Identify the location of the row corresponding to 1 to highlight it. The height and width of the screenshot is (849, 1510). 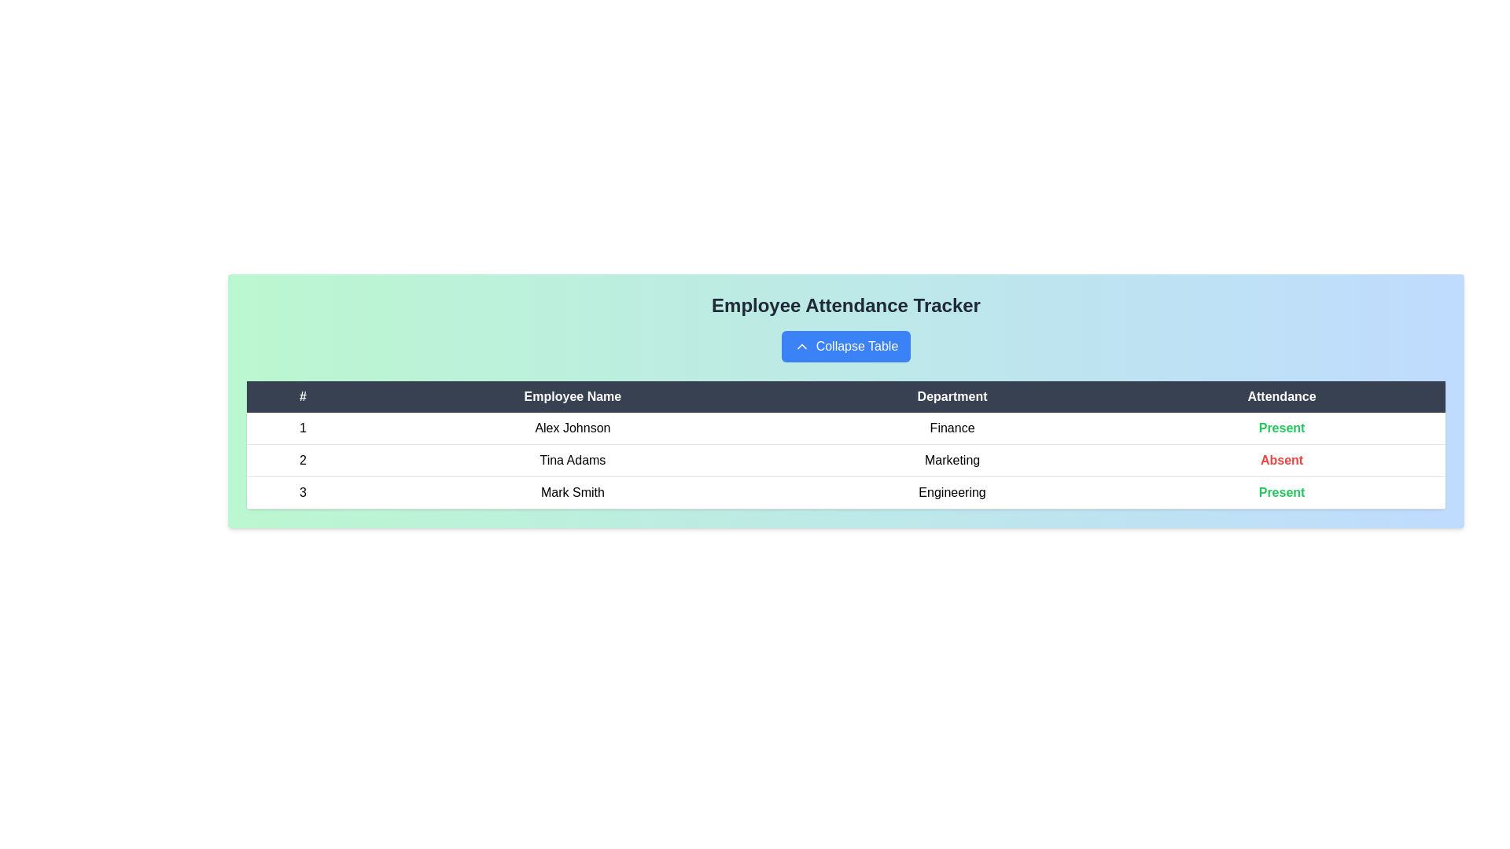
(845, 428).